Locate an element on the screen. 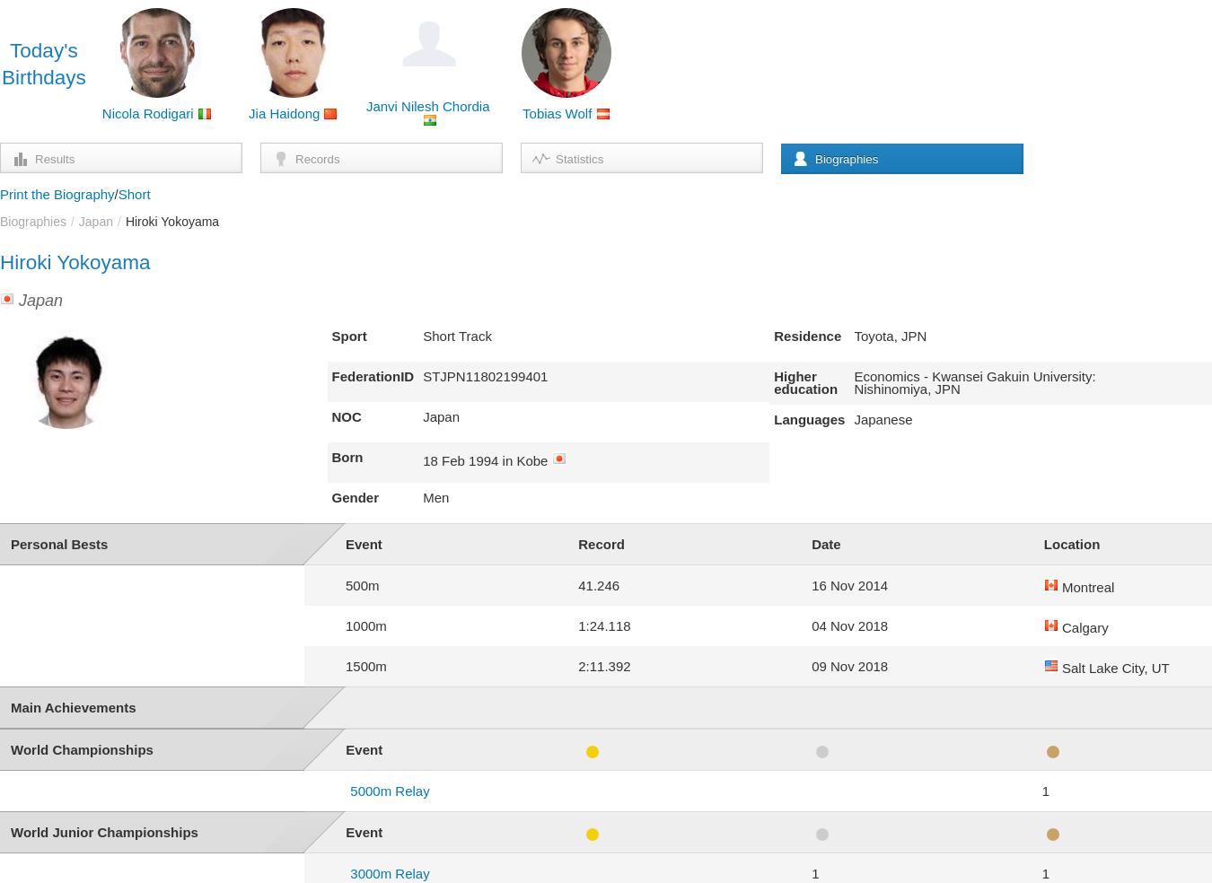 The image size is (1212, 883). 'Today's' is located at coordinates (42, 49).